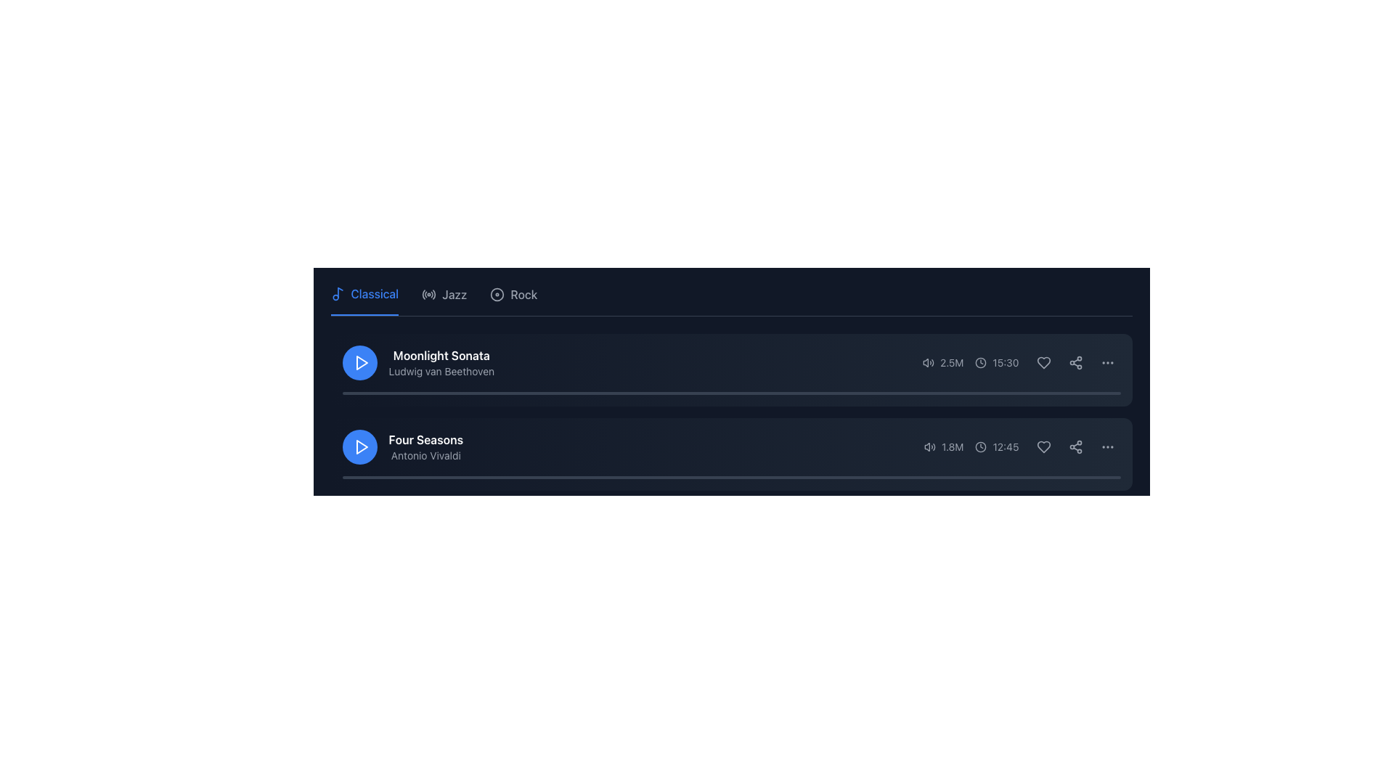 This screenshot has width=1394, height=784. Describe the element at coordinates (402, 446) in the screenshot. I see `the Track display item located in the second row of audio tracks, which displays the title and artist of a track` at that location.